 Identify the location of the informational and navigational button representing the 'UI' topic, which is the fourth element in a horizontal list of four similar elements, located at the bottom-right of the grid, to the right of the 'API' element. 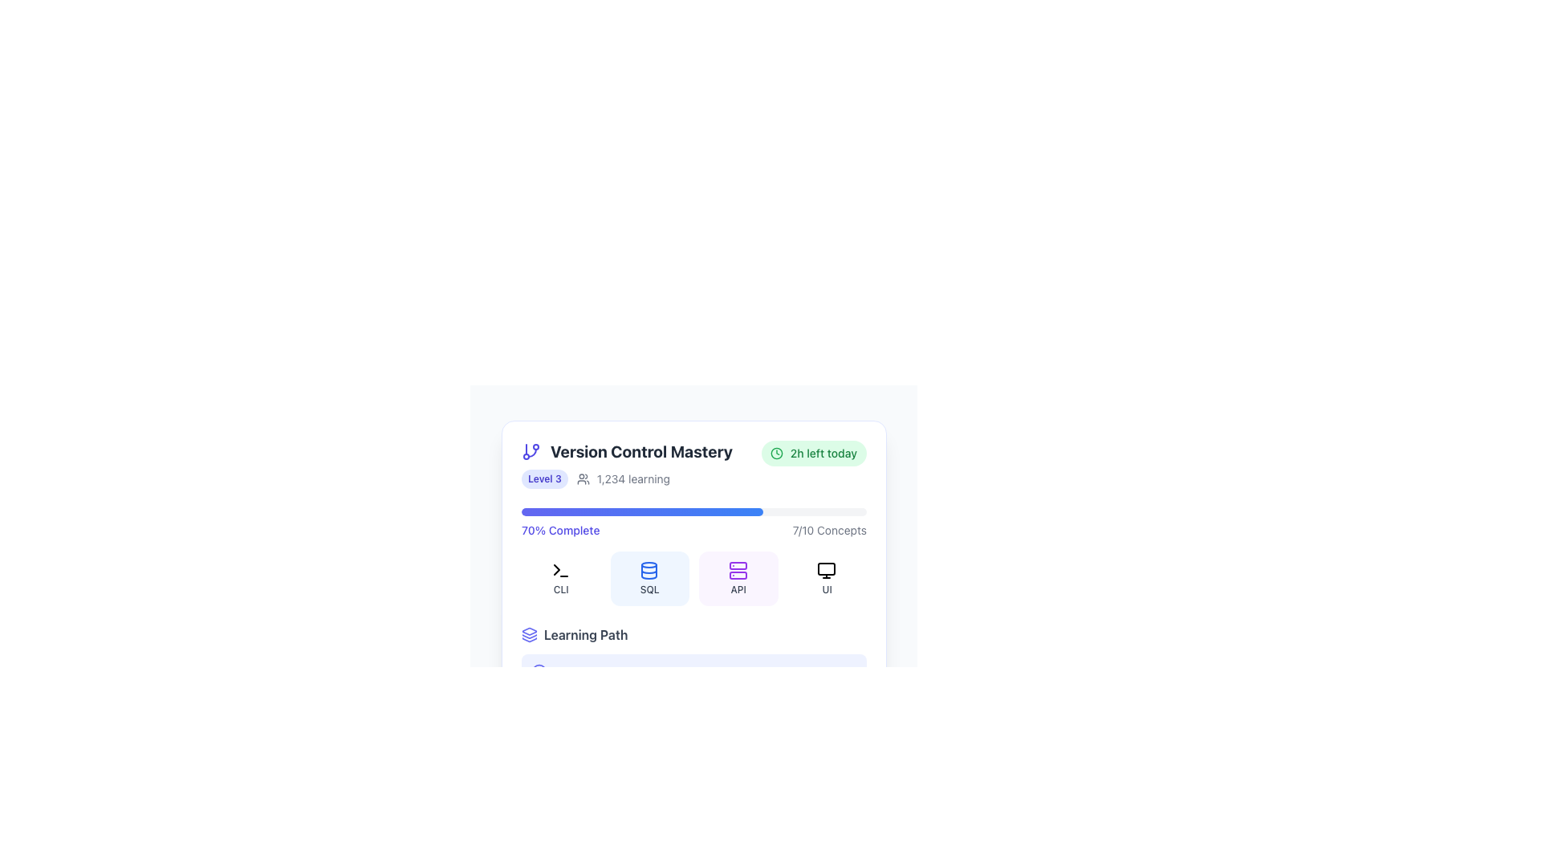
(827, 579).